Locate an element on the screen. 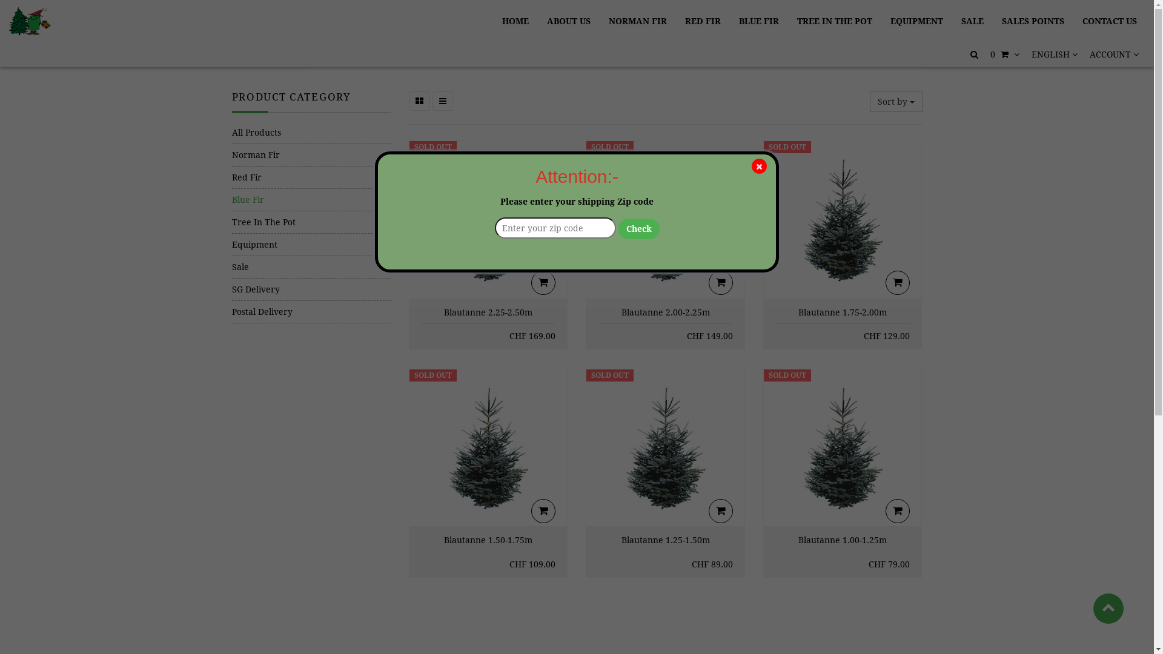  'HOME' is located at coordinates (515, 21).